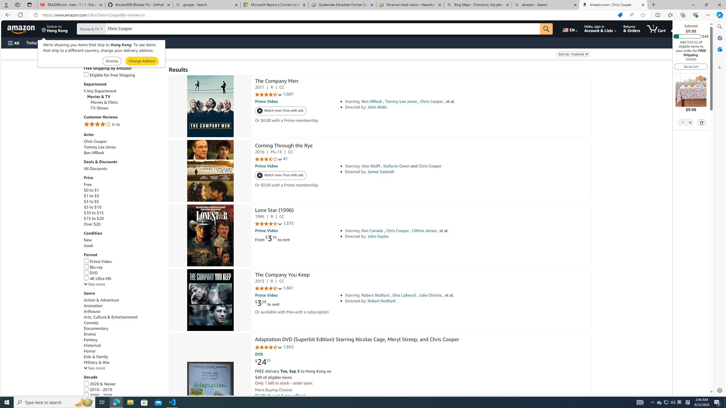  I want to click on '4K Ultra HD', so click(97, 279).